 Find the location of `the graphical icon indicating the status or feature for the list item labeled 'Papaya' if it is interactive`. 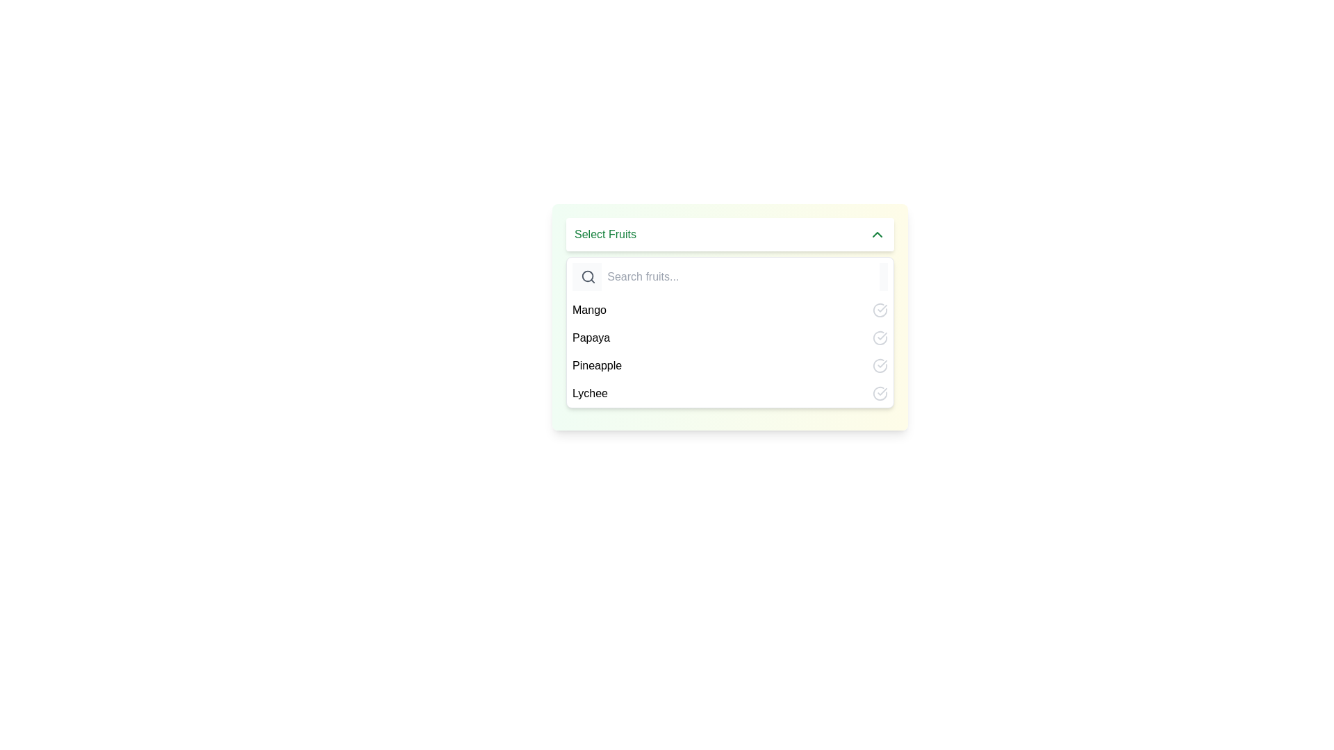

the graphical icon indicating the status or feature for the list item labeled 'Papaya' if it is interactive is located at coordinates (880, 337).